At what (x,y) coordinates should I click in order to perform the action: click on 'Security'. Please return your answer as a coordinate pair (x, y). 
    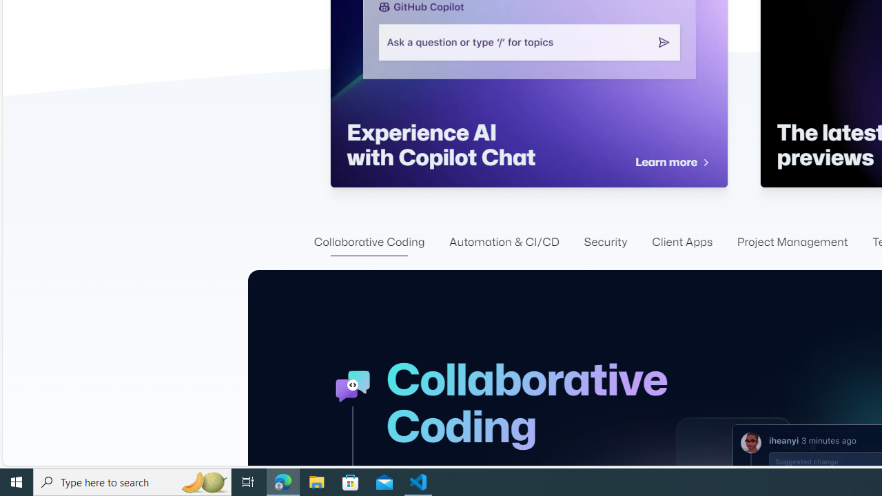
    Looking at the image, I should click on (606, 242).